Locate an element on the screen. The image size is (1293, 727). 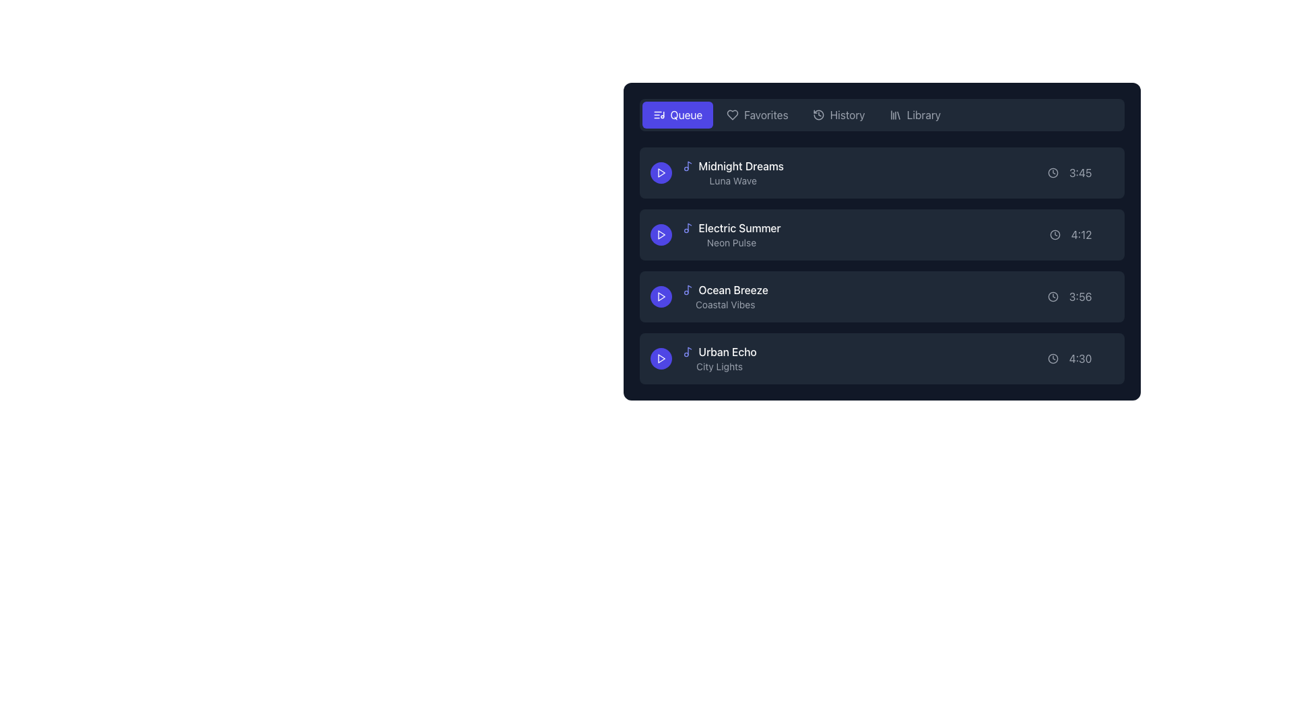
the title label of the first music track, which is located to the right of the music note icon and above the smaller text 'Luna Wave' is located at coordinates (740, 165).